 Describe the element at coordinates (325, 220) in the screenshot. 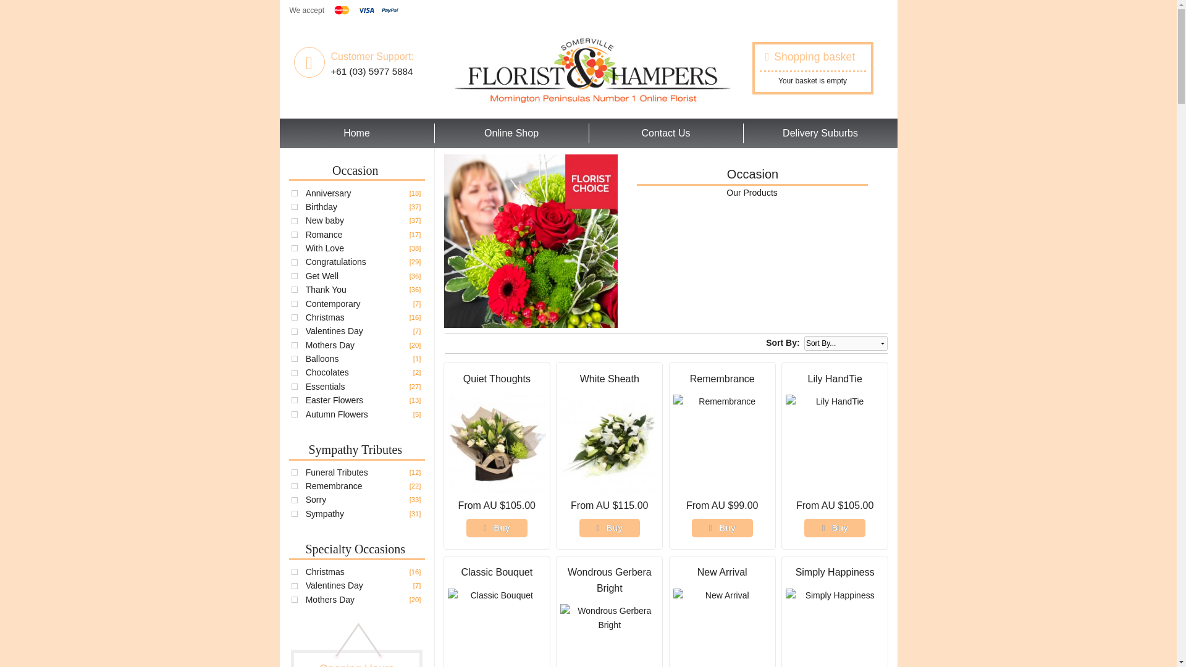

I see `'New baby` at that location.